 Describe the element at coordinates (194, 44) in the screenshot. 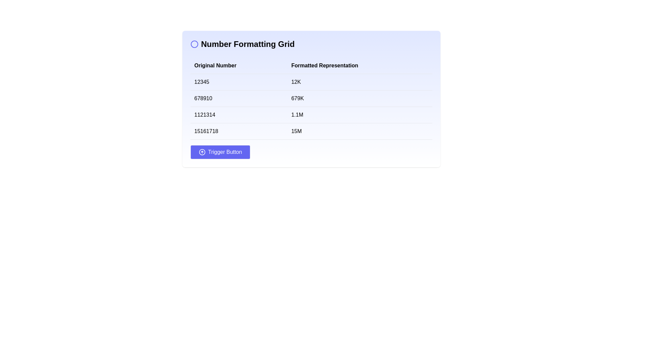

I see `the circular indigo icon located to the left of the 'Number Formatting Grid' heading` at that location.